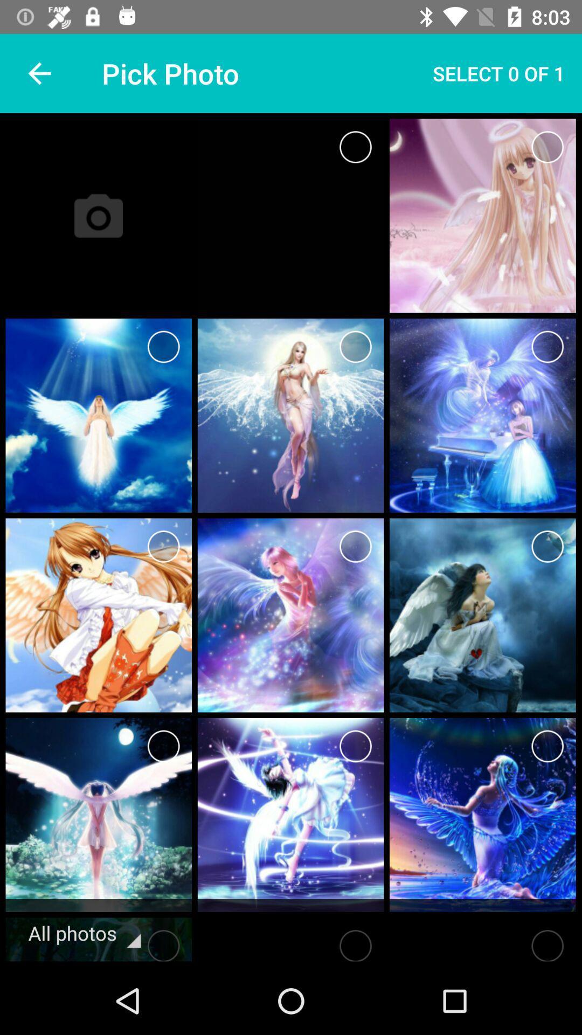  Describe the element at coordinates (355, 347) in the screenshot. I see `photo` at that location.